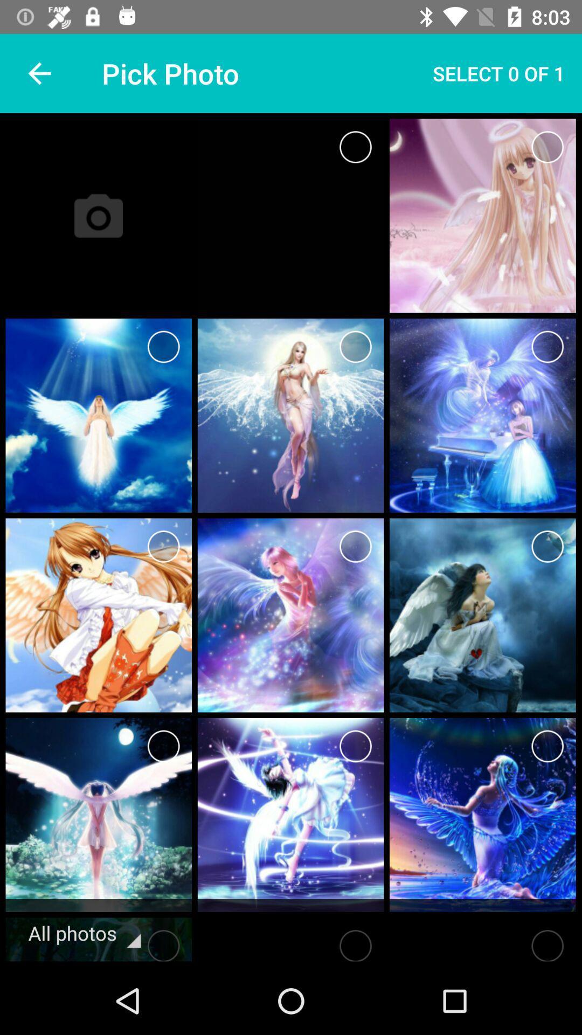  Describe the element at coordinates (355, 347) in the screenshot. I see `photo` at that location.